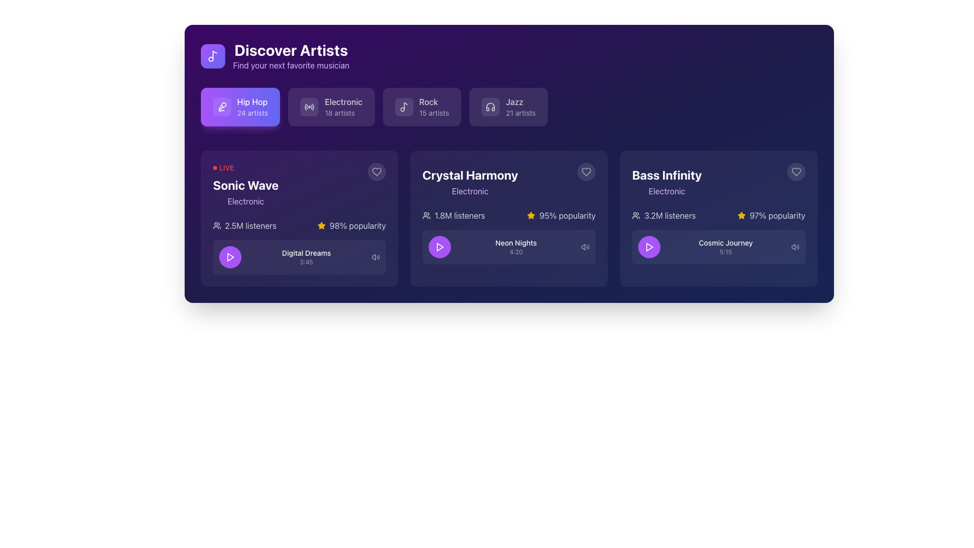 The height and width of the screenshot is (548, 974). What do you see at coordinates (245, 225) in the screenshot?
I see `displayed text of the informative label indicating the audience size for the 'Sonic Wave' category, located beneath the title 'Sonic Wave' and above the 'Digital Dreams' track` at bounding box center [245, 225].